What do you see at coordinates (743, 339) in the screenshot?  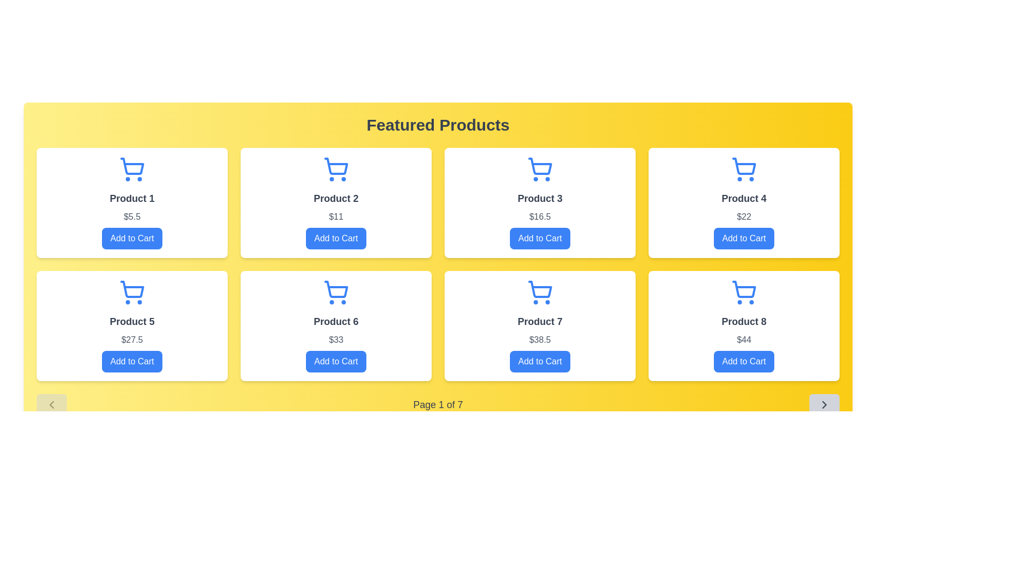 I see `the text display showing the price of 'Product 8', located in the third row and fourth column of the product grid, below the product title and above the 'Add to Cart' button` at bounding box center [743, 339].